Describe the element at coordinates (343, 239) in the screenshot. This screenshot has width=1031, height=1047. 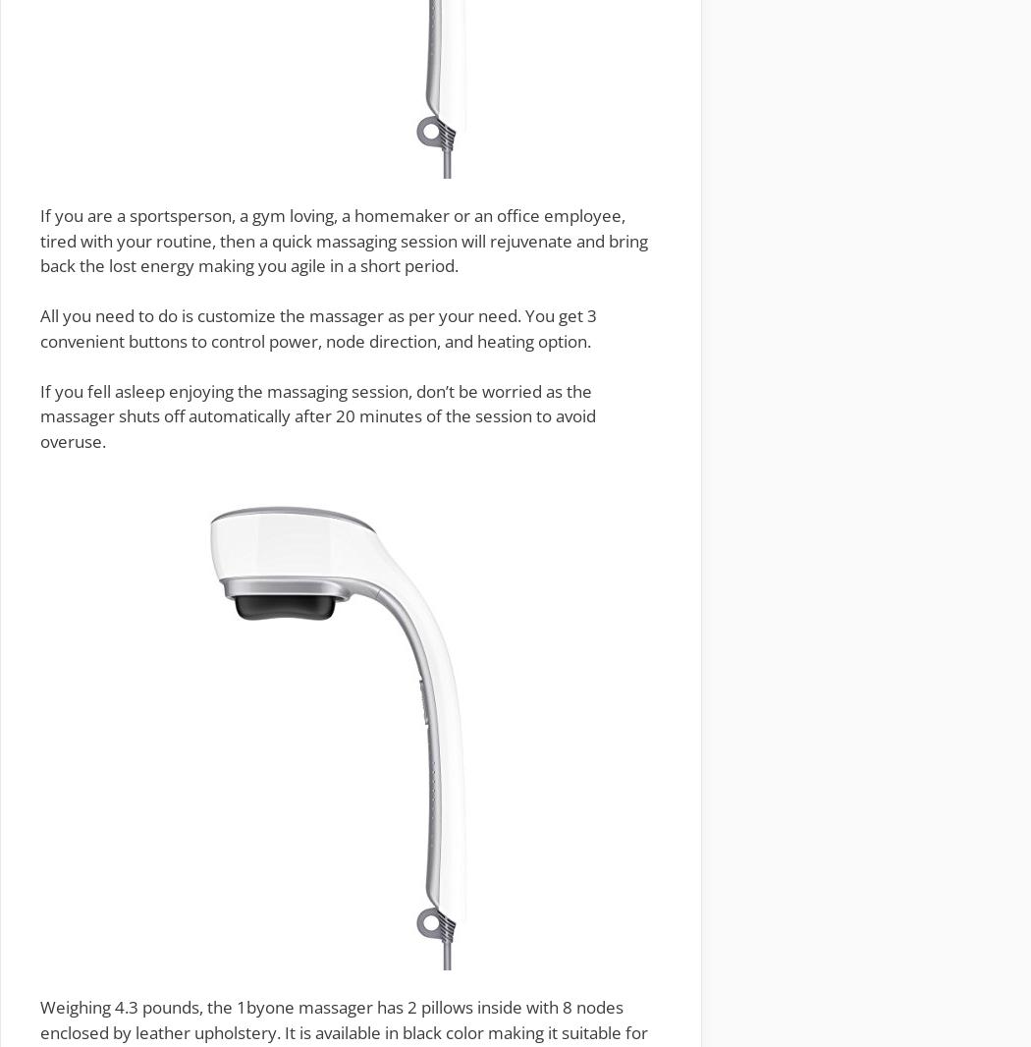
I see `'If you are a sportsperson, a gym loving, a homemaker or an office employee, tired with your routine, then a quick massaging session will rejuvenate and bring back the lost energy making you agile in a short period.'` at that location.